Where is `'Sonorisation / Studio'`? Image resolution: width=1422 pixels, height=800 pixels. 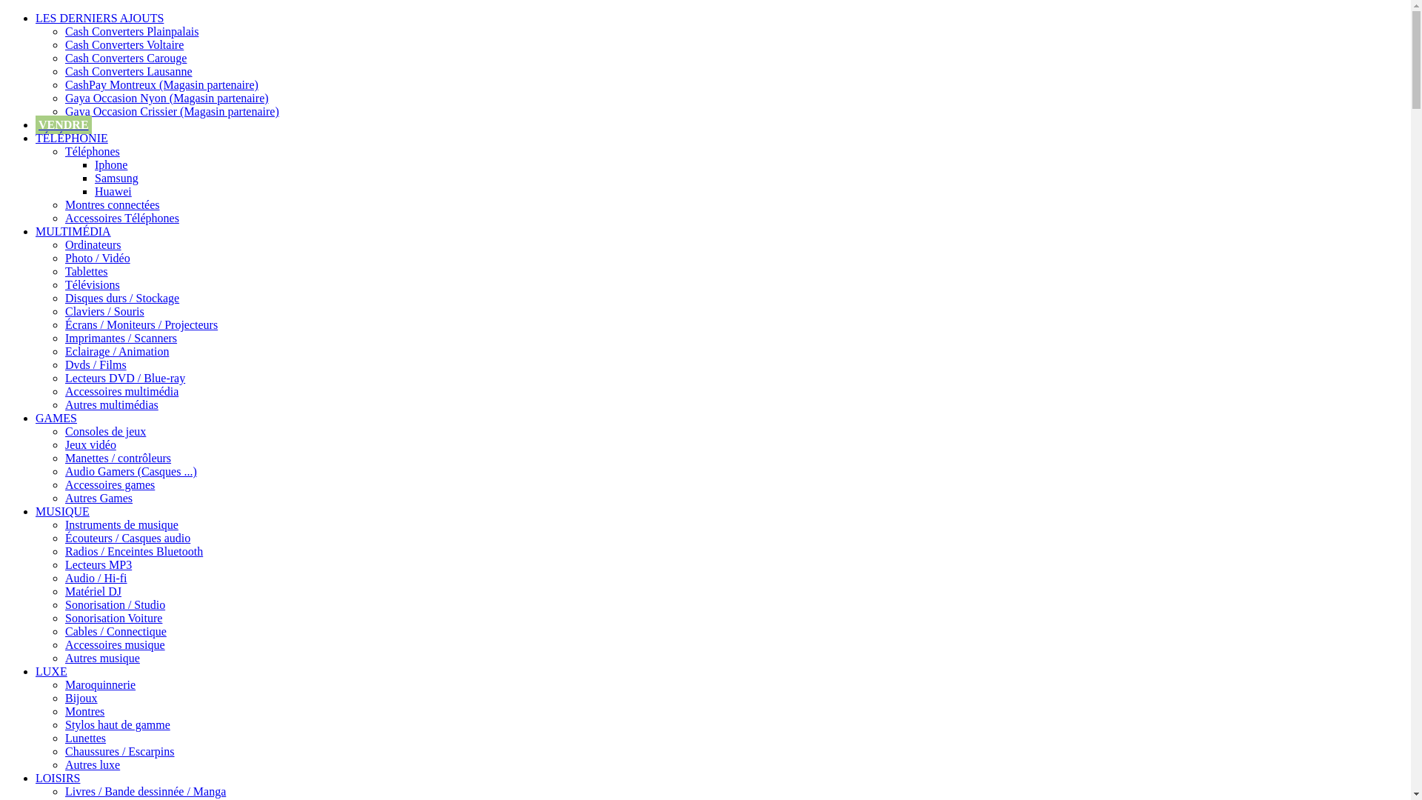
'Sonorisation / Studio' is located at coordinates (64, 604).